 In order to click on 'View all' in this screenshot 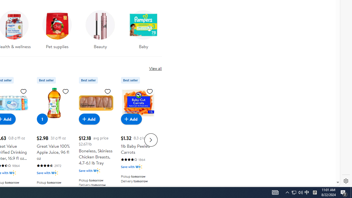, I will do `click(155, 68)`.